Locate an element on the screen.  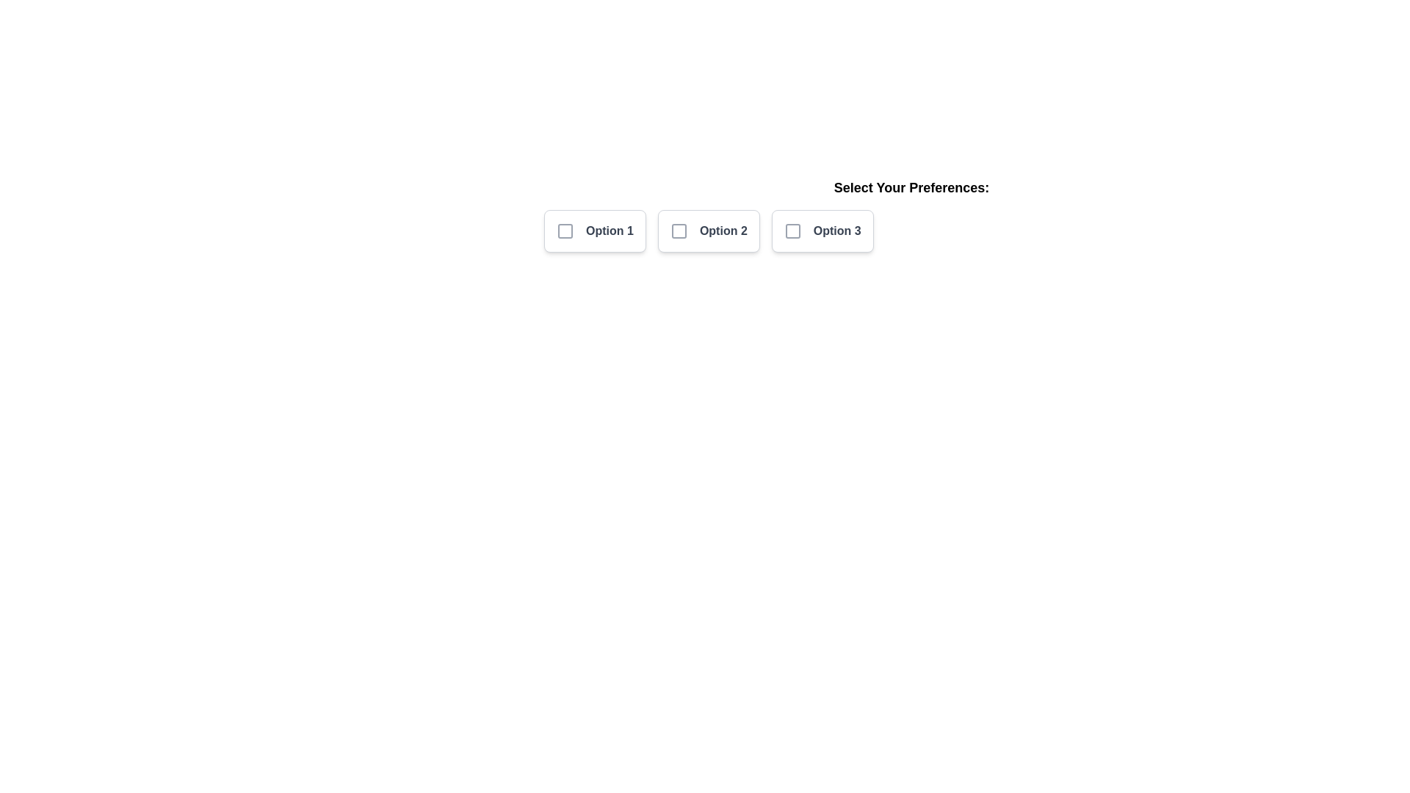
the Checkbox Icon for 'Option 1' is located at coordinates (564, 231).